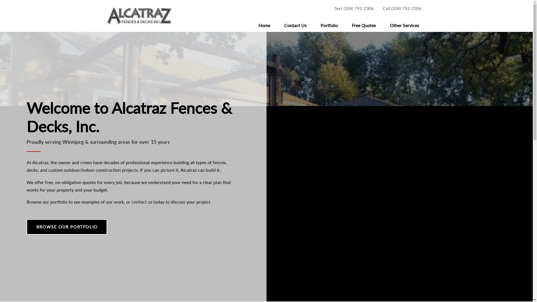 The height and width of the screenshot is (302, 537). Describe the element at coordinates (139, 16) in the screenshot. I see `'Skip to the home page'` at that location.